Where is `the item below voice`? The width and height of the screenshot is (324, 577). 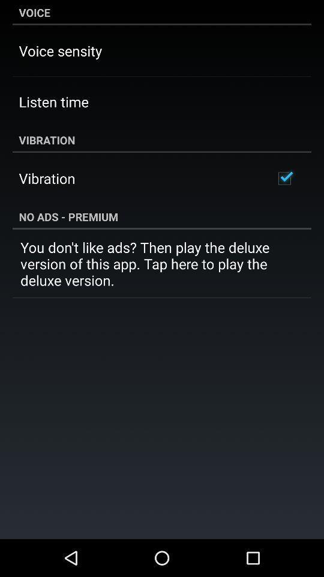 the item below voice is located at coordinates (59, 50).